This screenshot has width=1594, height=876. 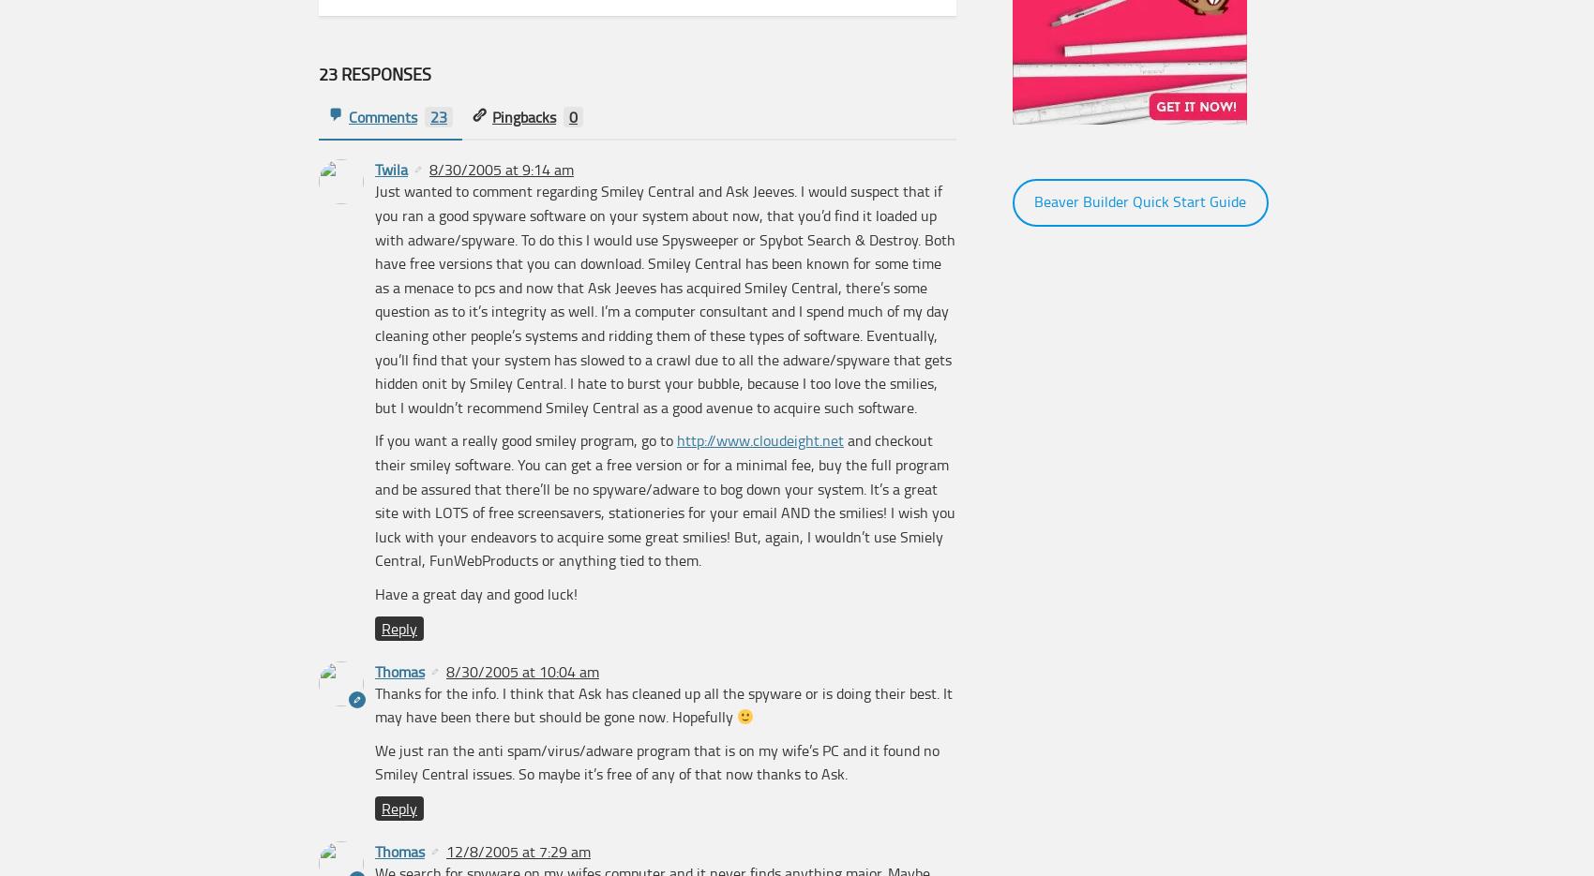 What do you see at coordinates (759, 440) in the screenshot?
I see `'http://www.cloudeight.net'` at bounding box center [759, 440].